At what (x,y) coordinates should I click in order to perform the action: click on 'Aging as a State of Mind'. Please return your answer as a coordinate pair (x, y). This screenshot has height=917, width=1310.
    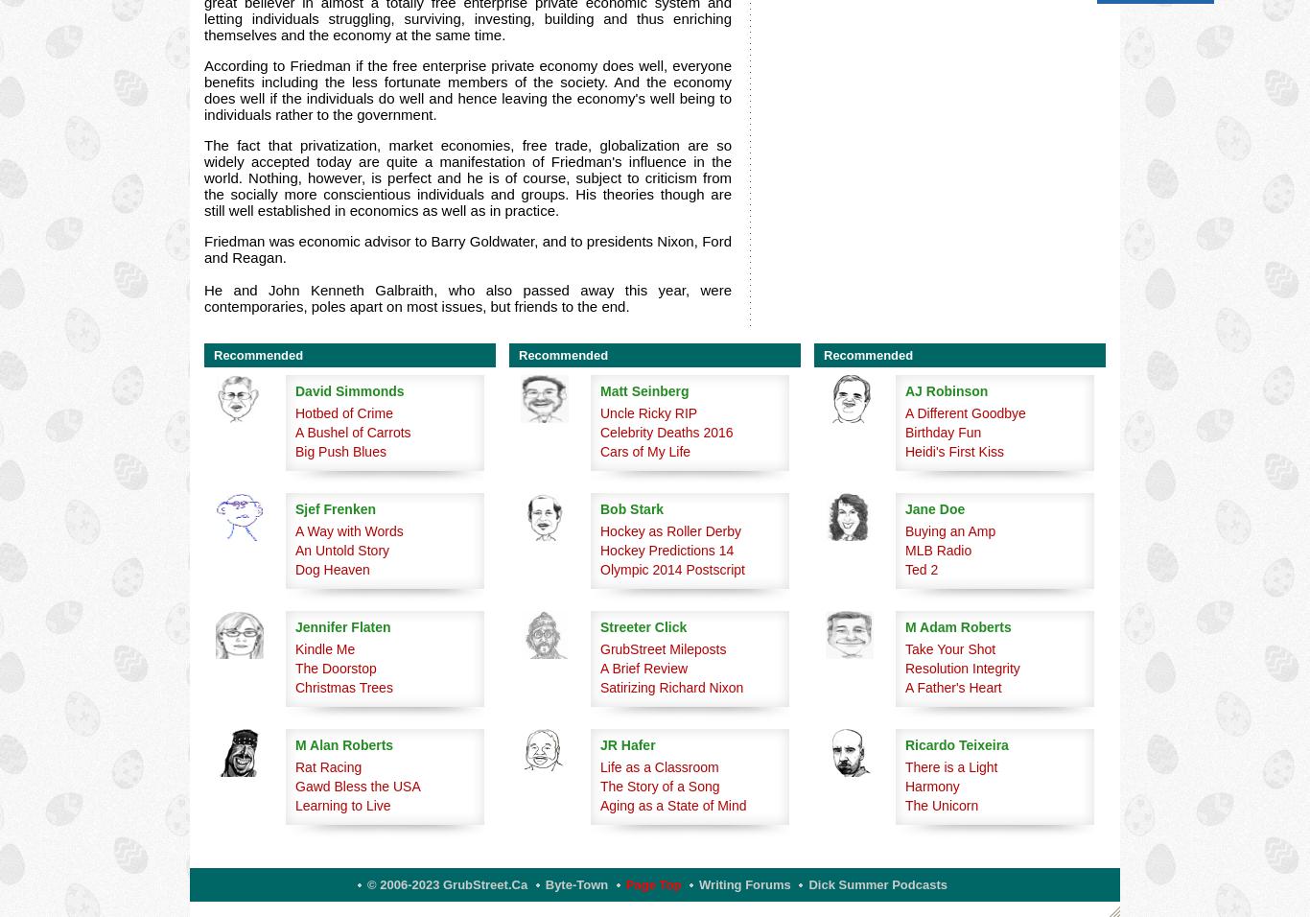
    Looking at the image, I should click on (672, 806).